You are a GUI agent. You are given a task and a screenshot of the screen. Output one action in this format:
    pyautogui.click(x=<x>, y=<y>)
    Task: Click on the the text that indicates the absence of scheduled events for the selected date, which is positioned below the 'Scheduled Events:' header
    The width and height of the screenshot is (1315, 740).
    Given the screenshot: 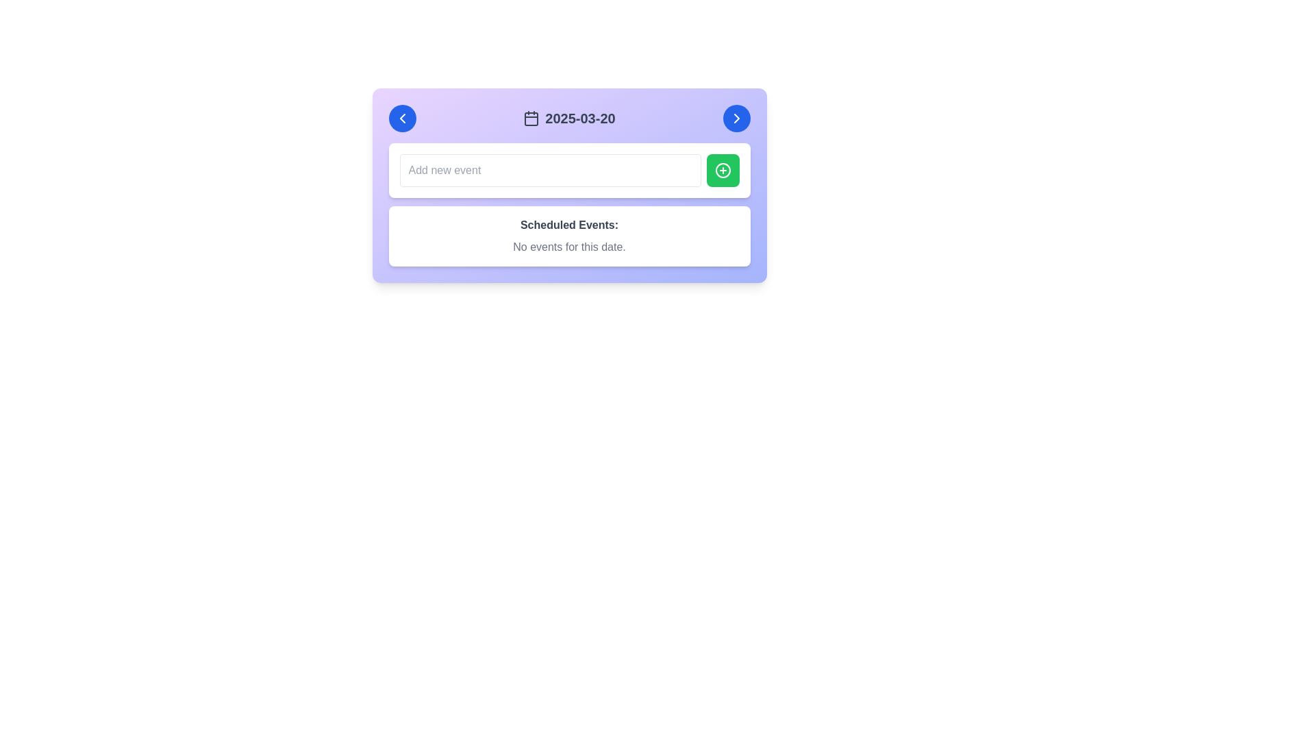 What is the action you would take?
    pyautogui.click(x=569, y=247)
    